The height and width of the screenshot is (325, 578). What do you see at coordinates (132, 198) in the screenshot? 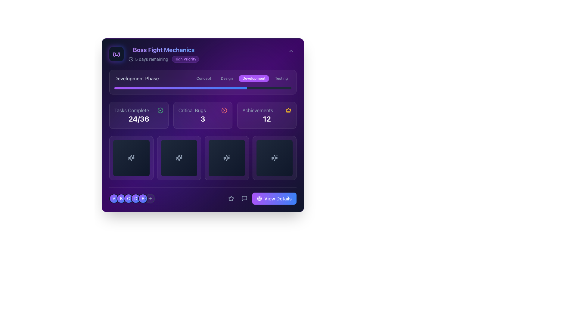
I see `the circular badge featuring the letter 'D' in white text on a gradient background` at bounding box center [132, 198].